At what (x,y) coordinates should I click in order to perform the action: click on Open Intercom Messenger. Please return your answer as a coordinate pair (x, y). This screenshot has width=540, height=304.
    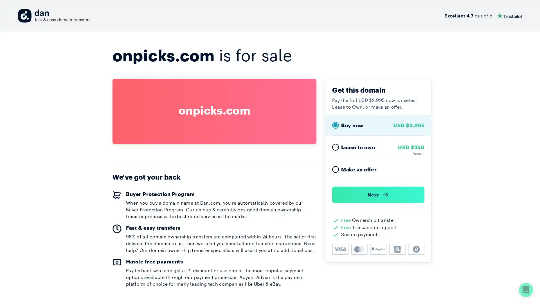
    Looking at the image, I should click on (526, 290).